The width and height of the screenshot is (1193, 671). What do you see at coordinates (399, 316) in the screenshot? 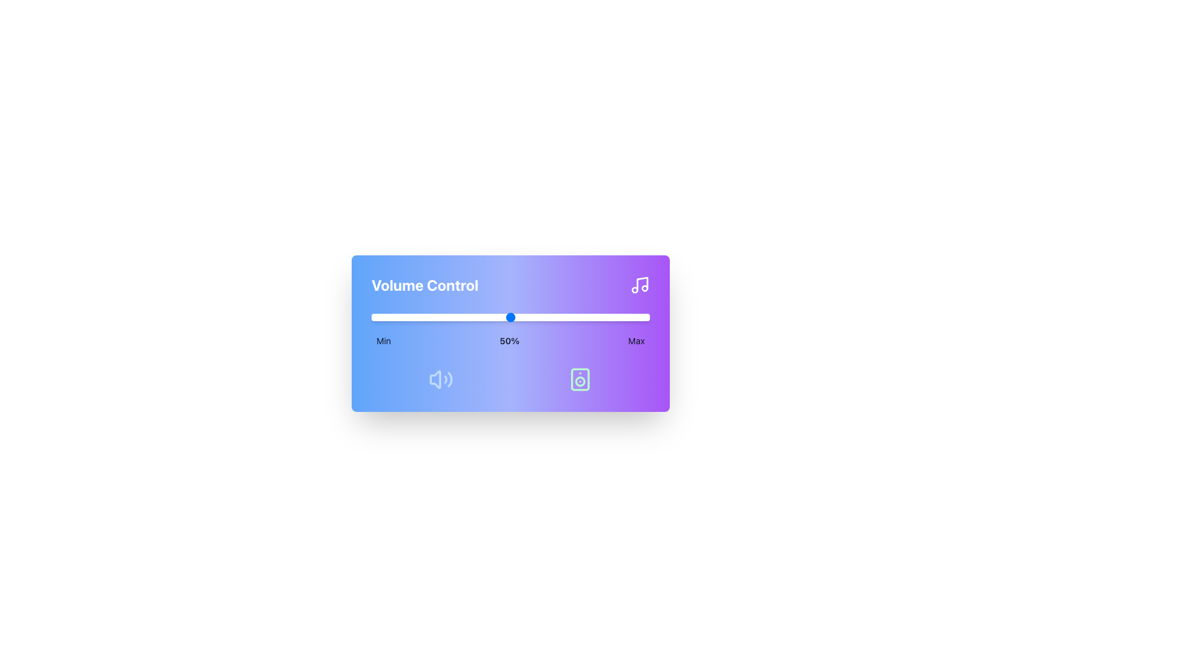
I see `the slider` at bounding box center [399, 316].